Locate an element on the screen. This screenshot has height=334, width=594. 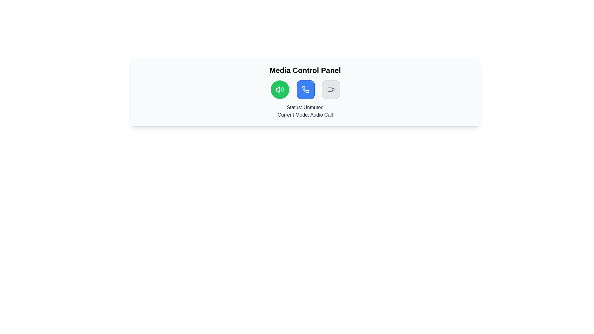
the phone icon within the middle blue button in the row of three buttons, located below the 'Media Control Panel' label is located at coordinates (305, 89).